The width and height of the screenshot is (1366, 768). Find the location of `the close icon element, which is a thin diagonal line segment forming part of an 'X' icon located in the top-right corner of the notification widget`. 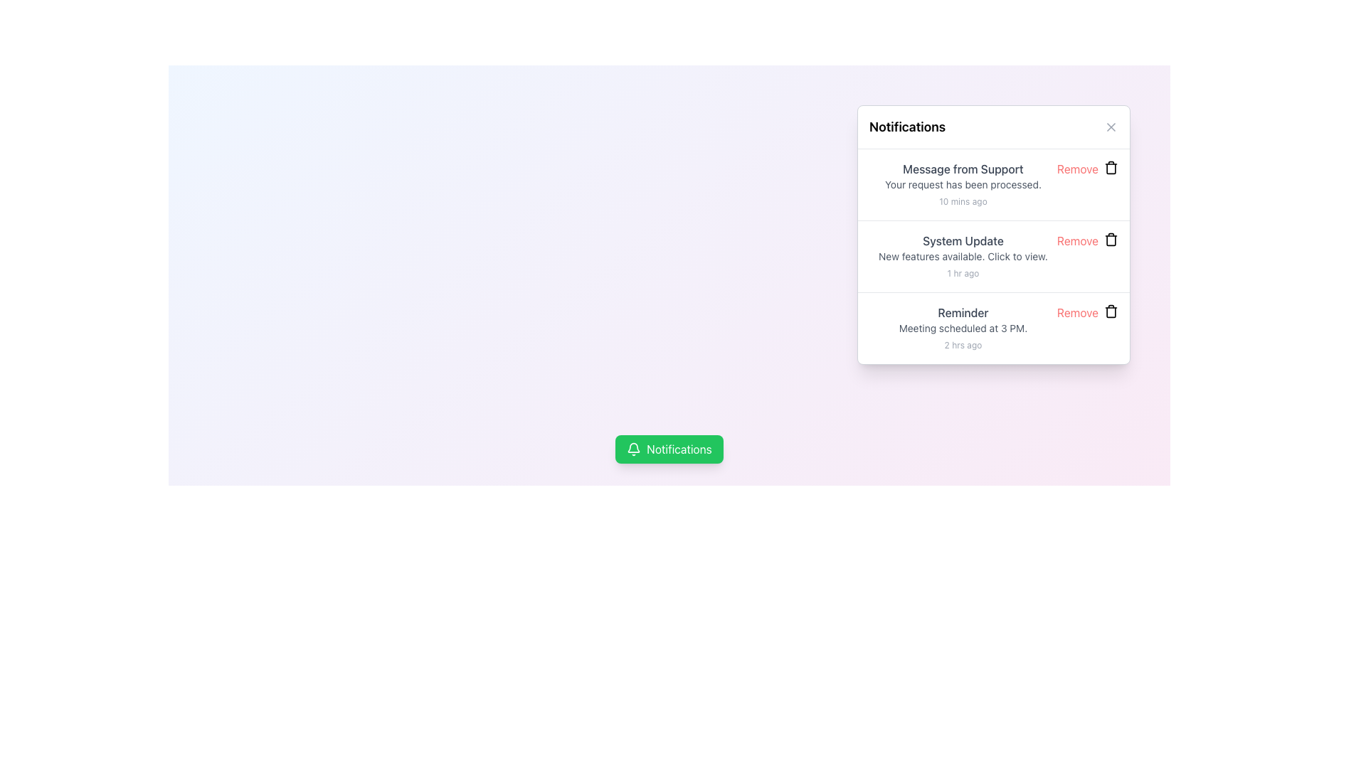

the close icon element, which is a thin diagonal line segment forming part of an 'X' icon located in the top-right corner of the notification widget is located at coordinates (1110, 126).